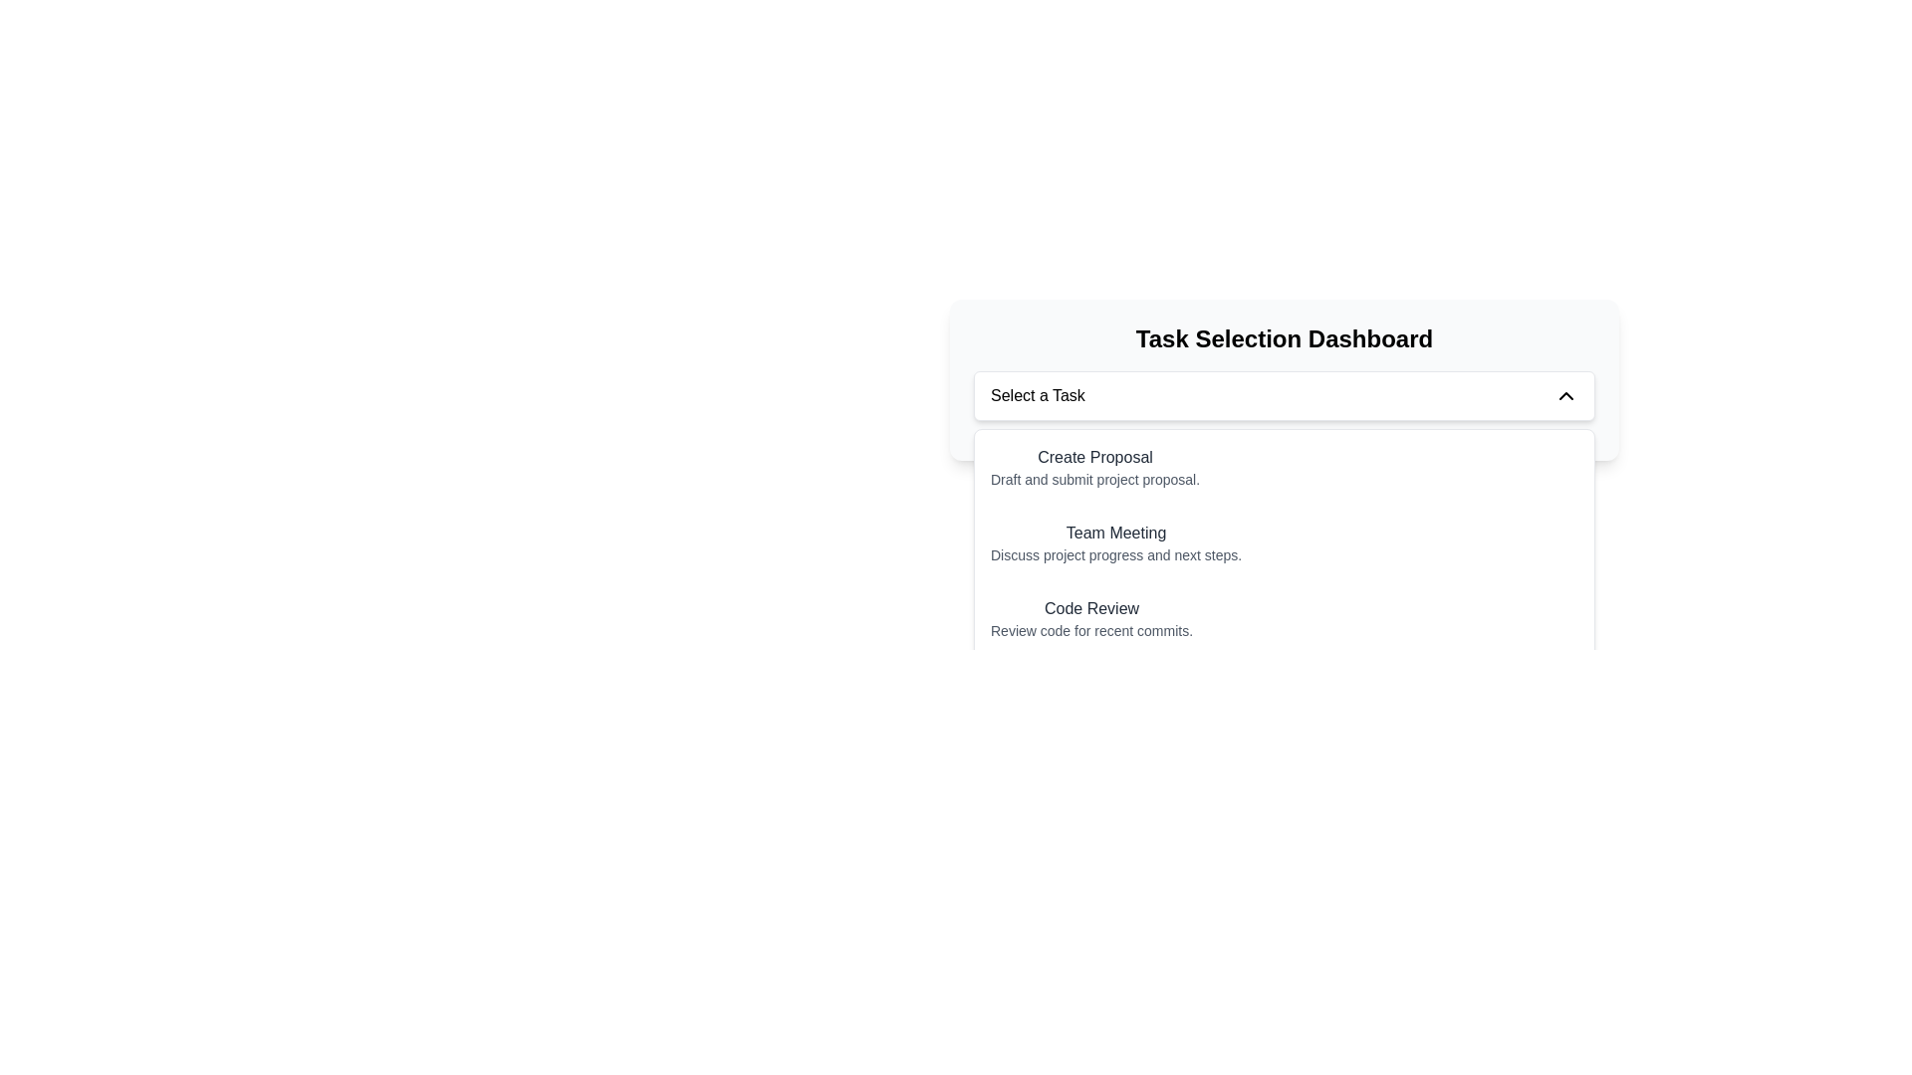  Describe the element at coordinates (1285, 617) in the screenshot. I see `to select the 'Code Review' task from the selectable list item in the Task Selection Dashboard` at that location.